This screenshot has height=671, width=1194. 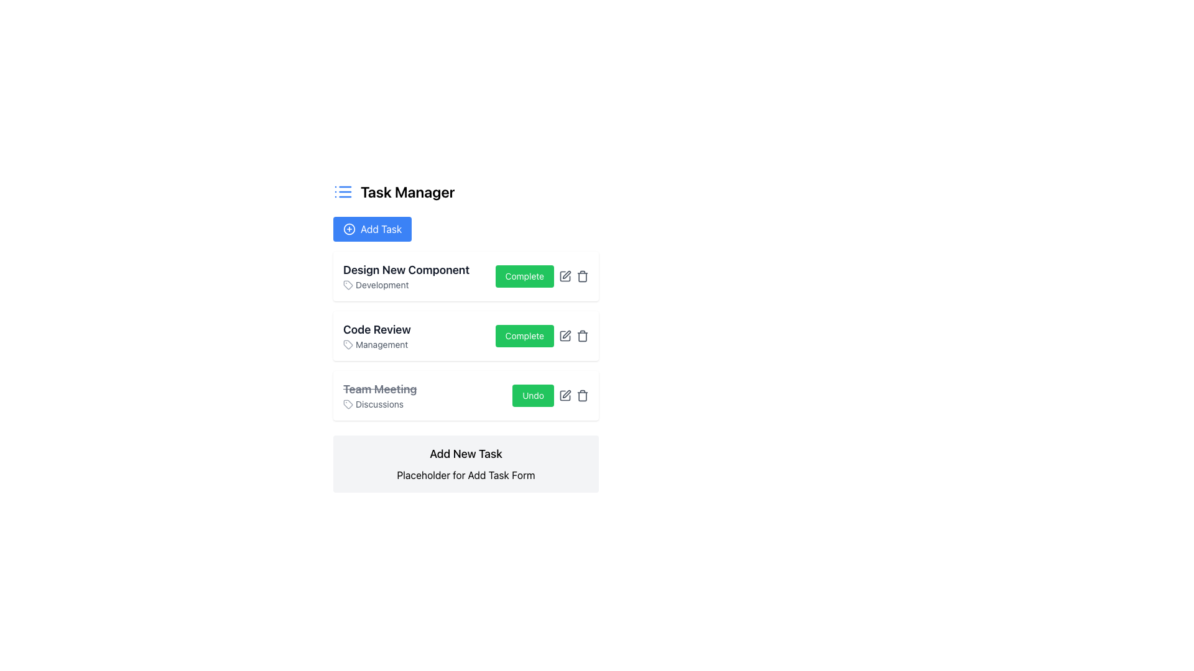 I want to click on the crossed out text label reading 'Team Meeting', so click(x=379, y=389).